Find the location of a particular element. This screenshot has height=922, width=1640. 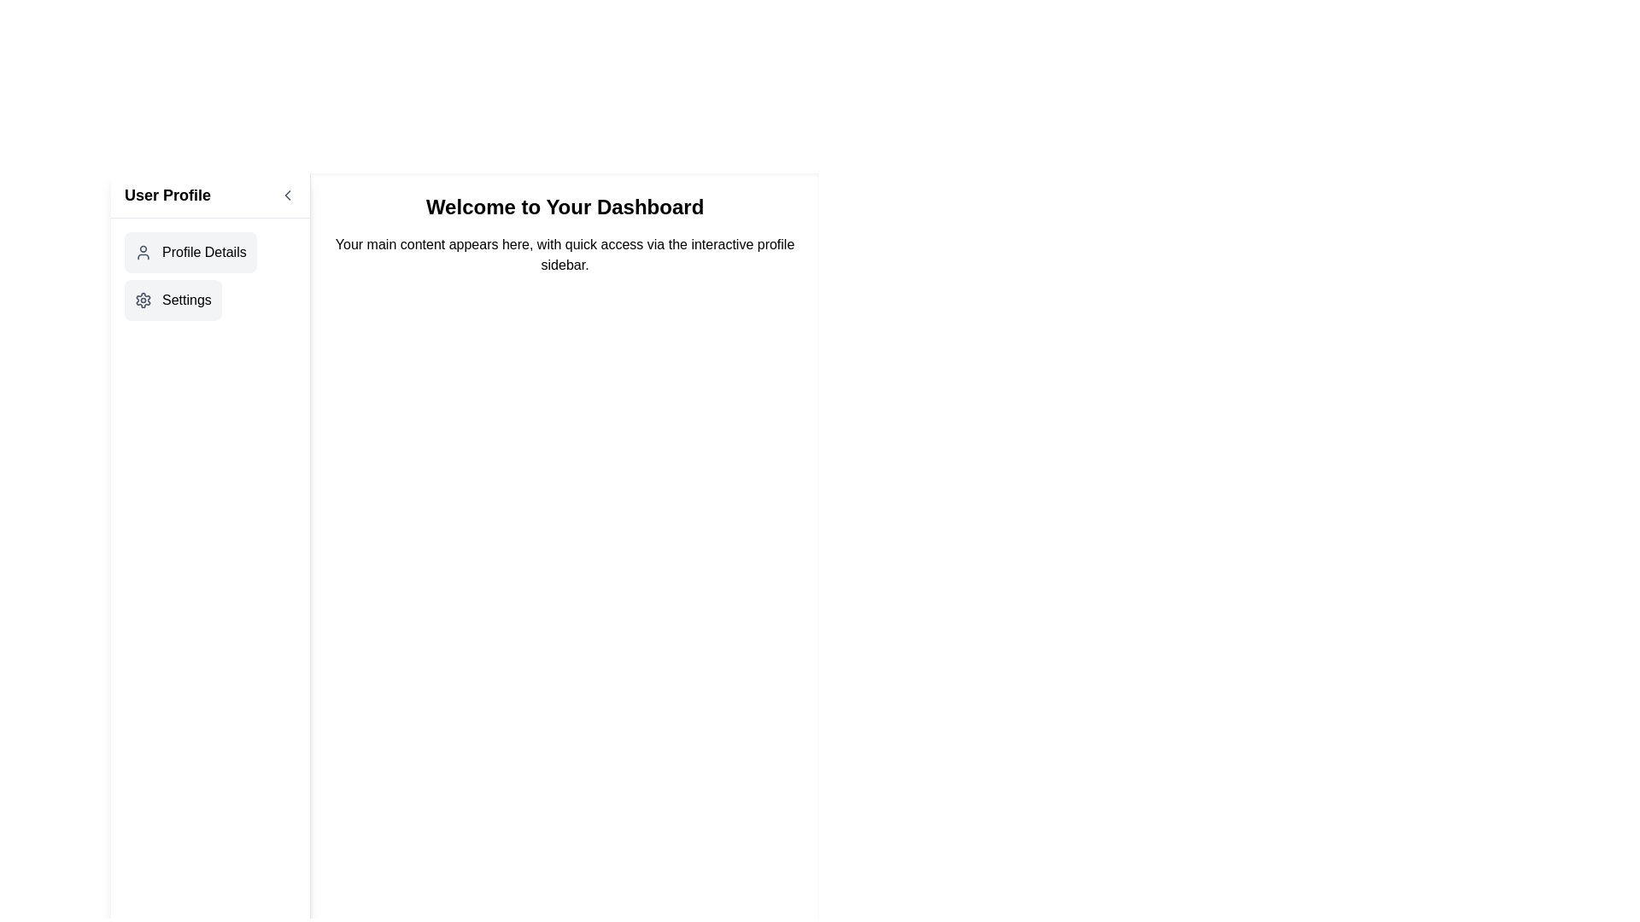

the text block that reads 'Your main content appears here, with quick access via the interactive profile sidebar,' which is centered below the bold text header is located at coordinates (565, 255).